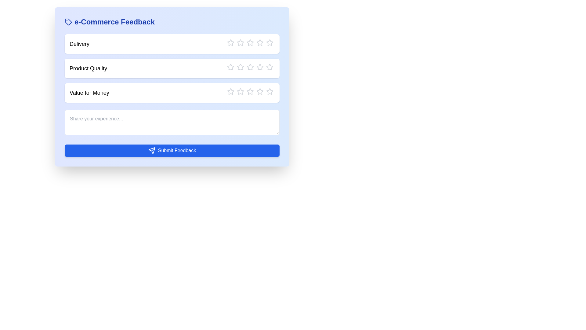 The height and width of the screenshot is (330, 586). Describe the element at coordinates (230, 42) in the screenshot. I see `the rating to 1 stars by clicking the corresponding star` at that location.